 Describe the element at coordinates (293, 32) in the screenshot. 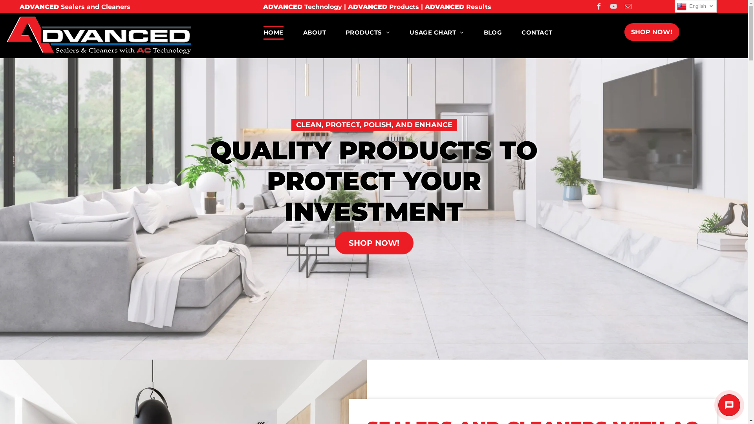

I see `'ABOUT'` at that location.